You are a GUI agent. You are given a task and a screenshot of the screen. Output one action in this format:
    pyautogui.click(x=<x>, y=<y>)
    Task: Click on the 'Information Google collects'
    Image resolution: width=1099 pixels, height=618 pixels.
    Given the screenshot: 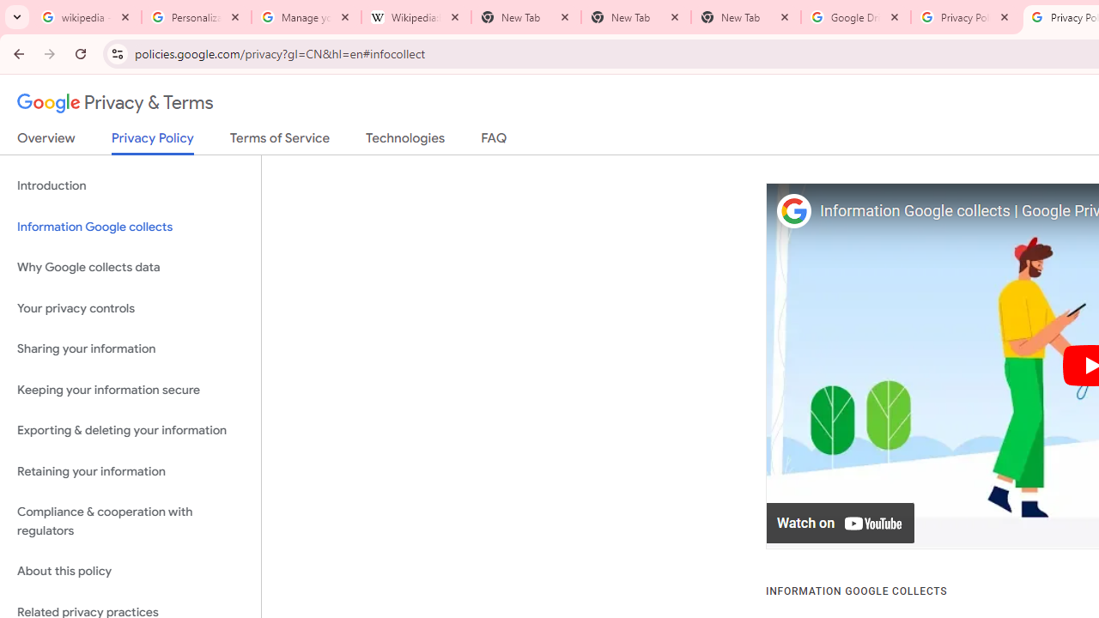 What is the action you would take?
    pyautogui.click(x=130, y=226)
    